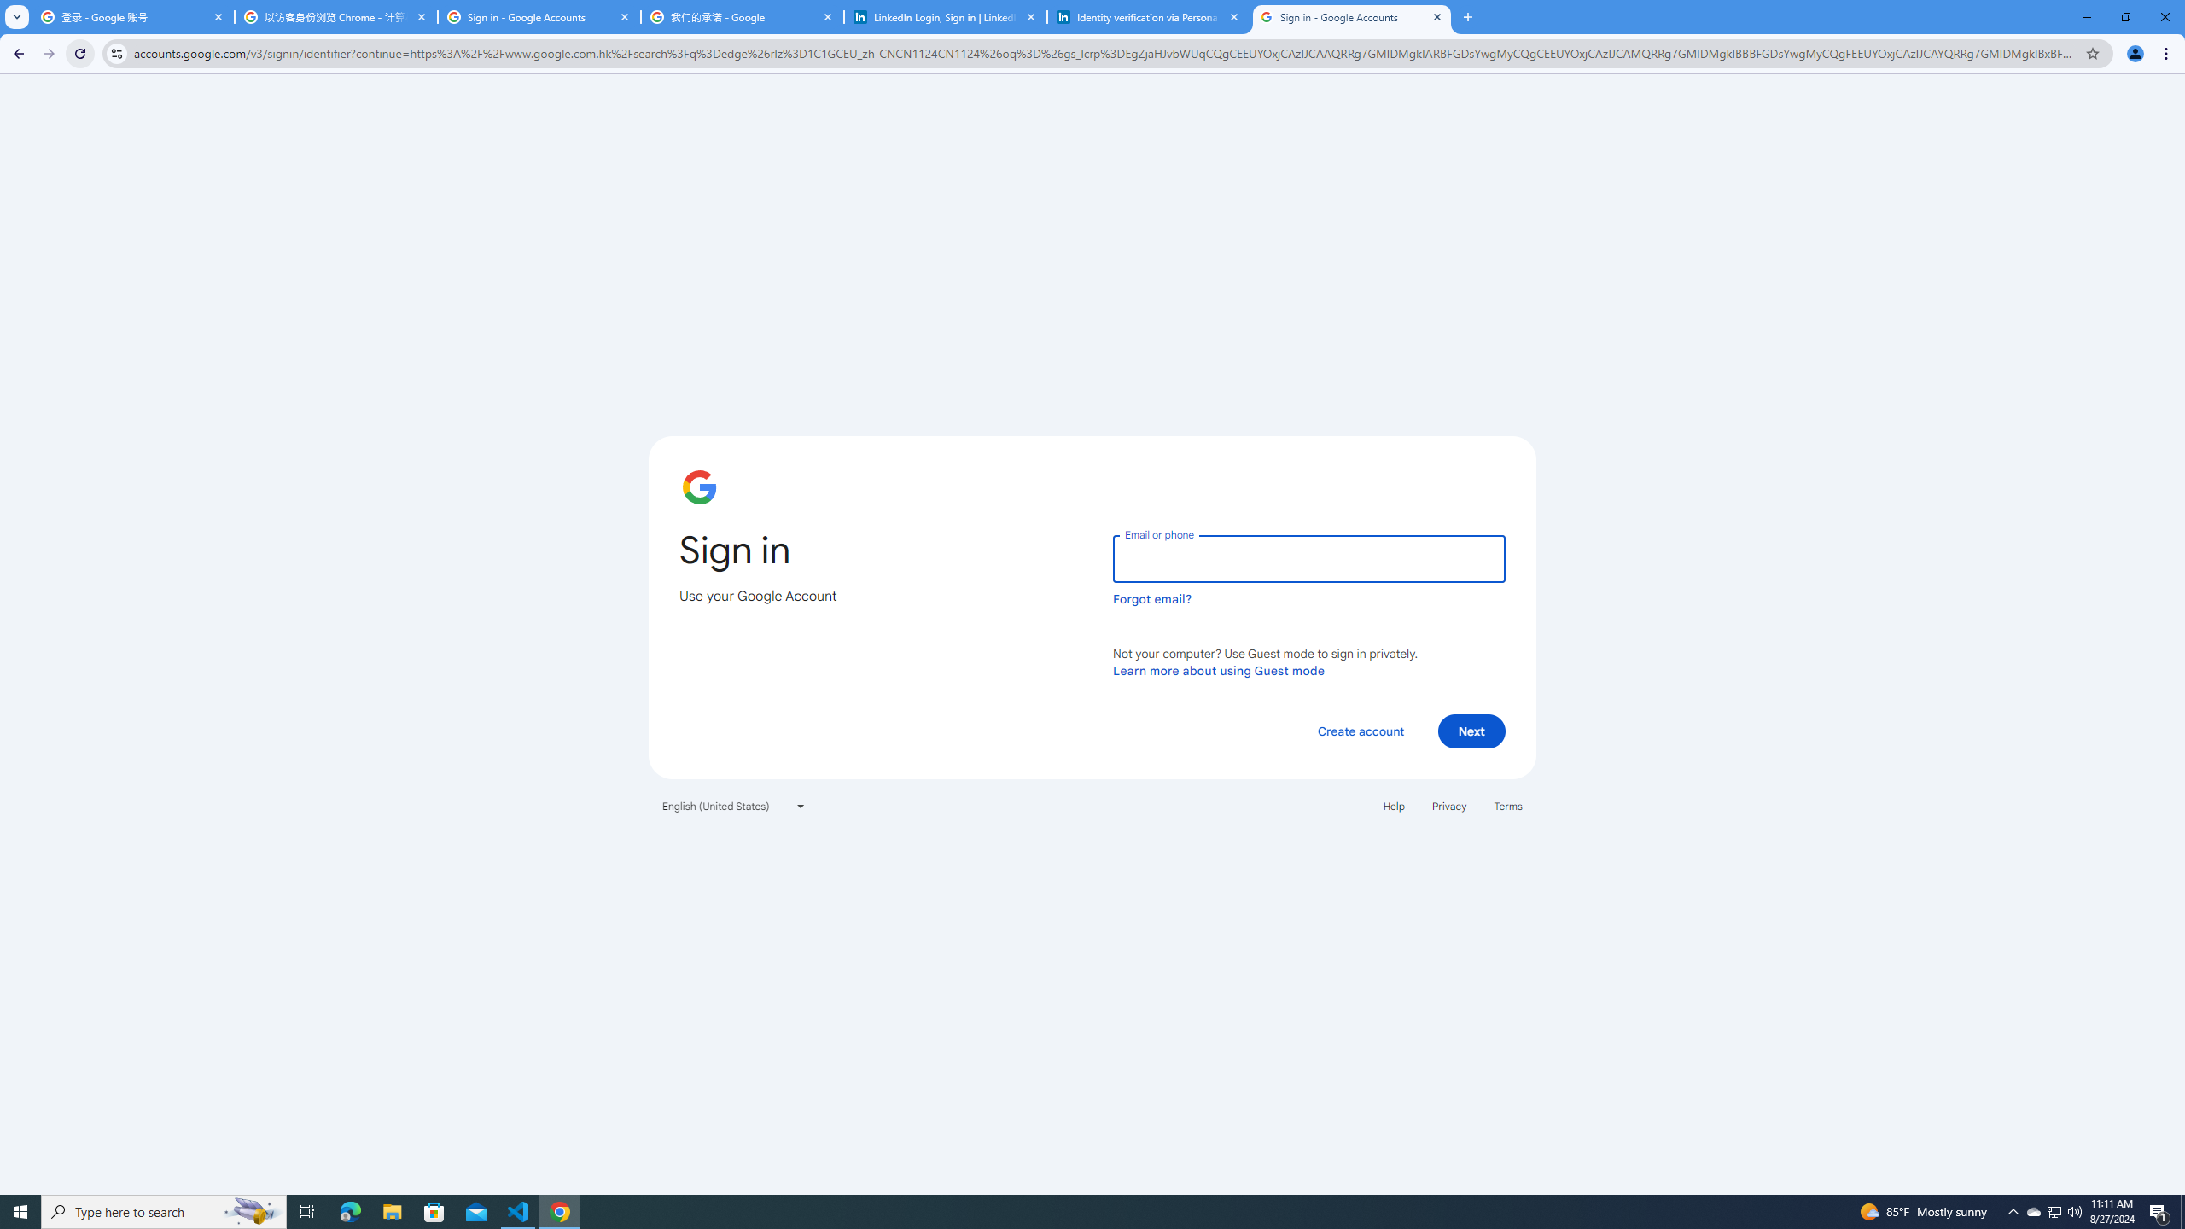 This screenshot has height=1229, width=2185. I want to click on 'English (United States)', so click(734, 804).